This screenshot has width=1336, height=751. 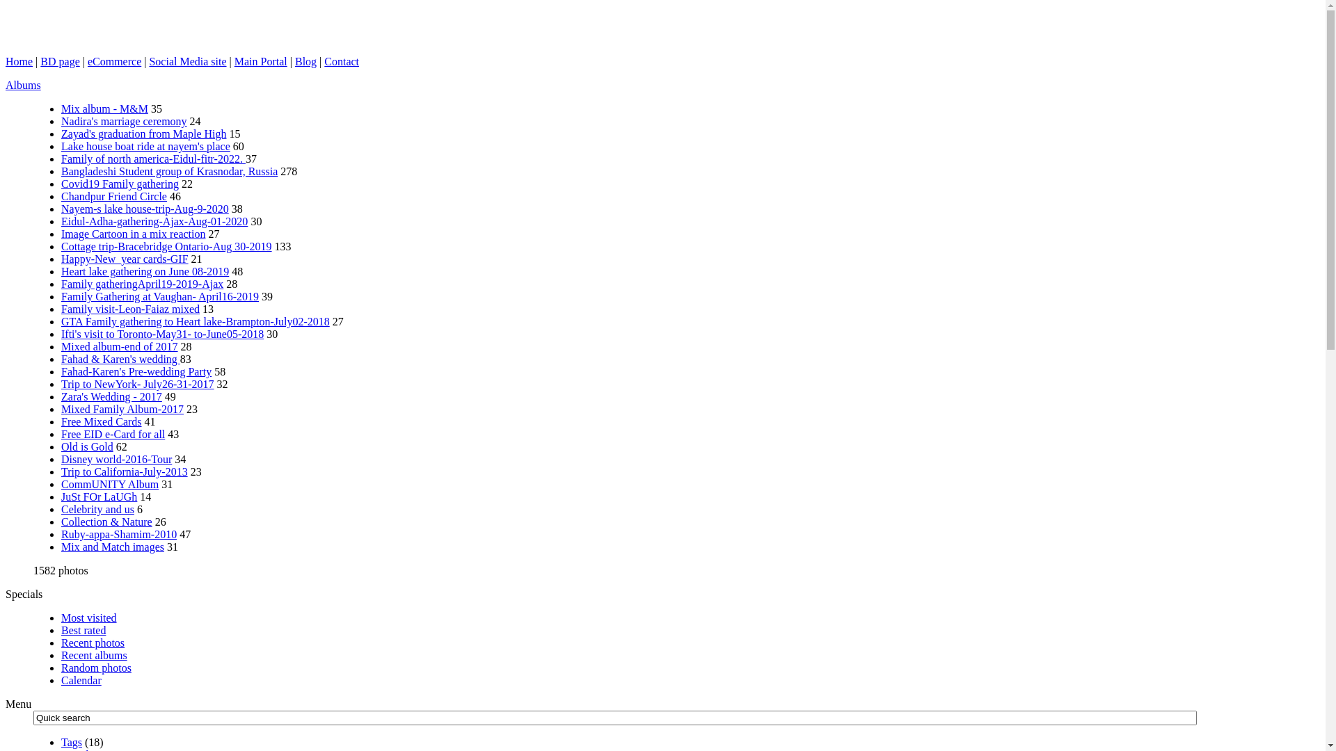 I want to click on 'CommUNITY Album', so click(x=109, y=483).